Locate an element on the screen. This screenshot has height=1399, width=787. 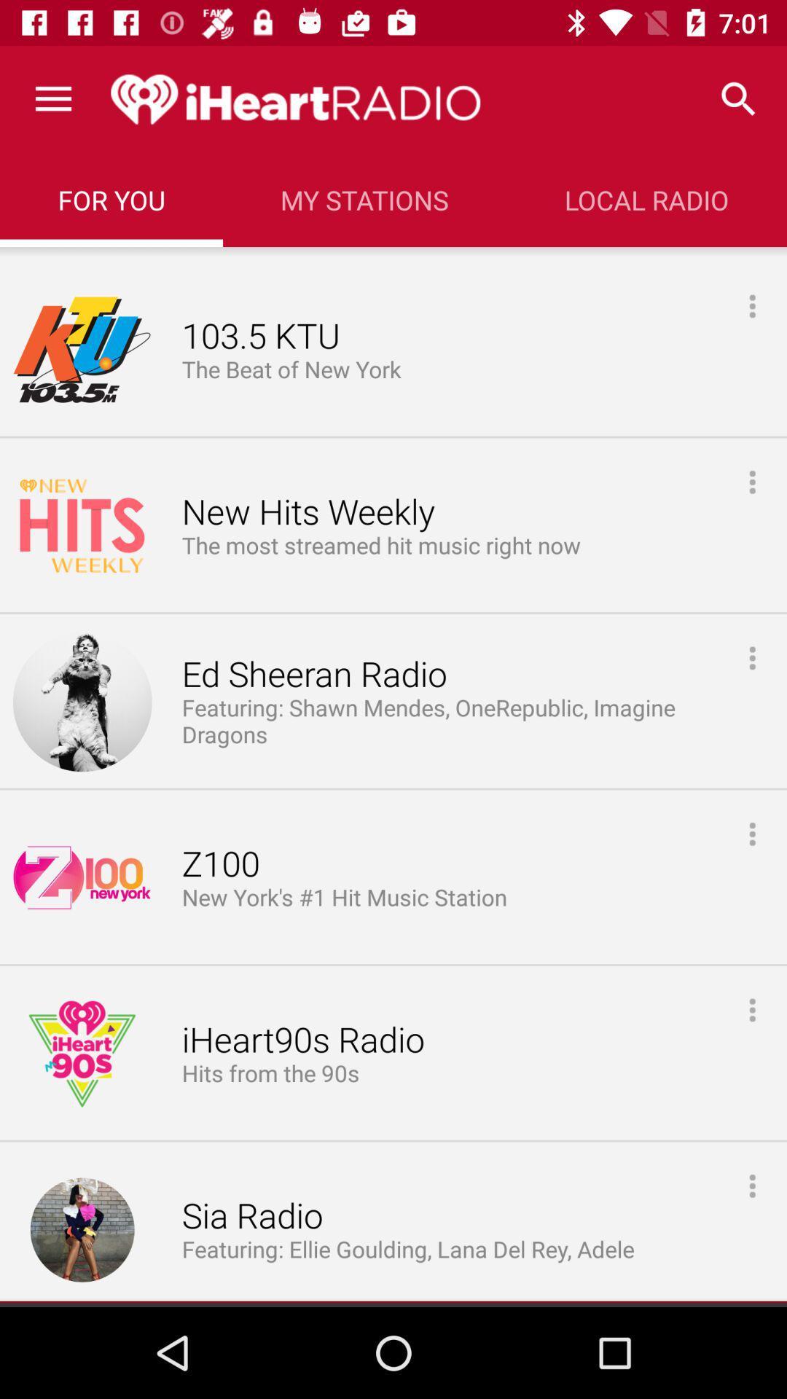
icon next to the my stations is located at coordinates (111, 199).